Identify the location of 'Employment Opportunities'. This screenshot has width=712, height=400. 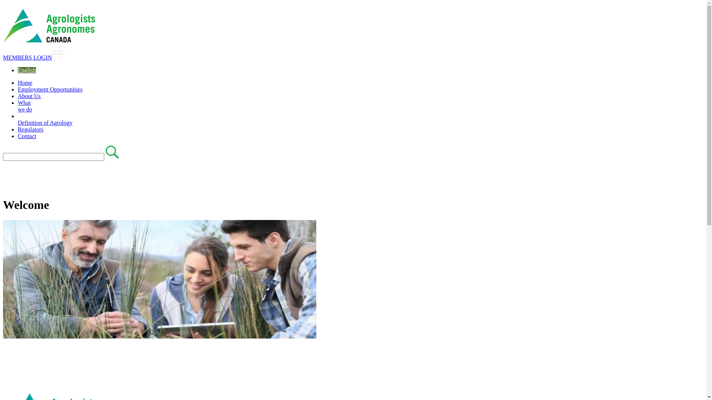
(50, 89).